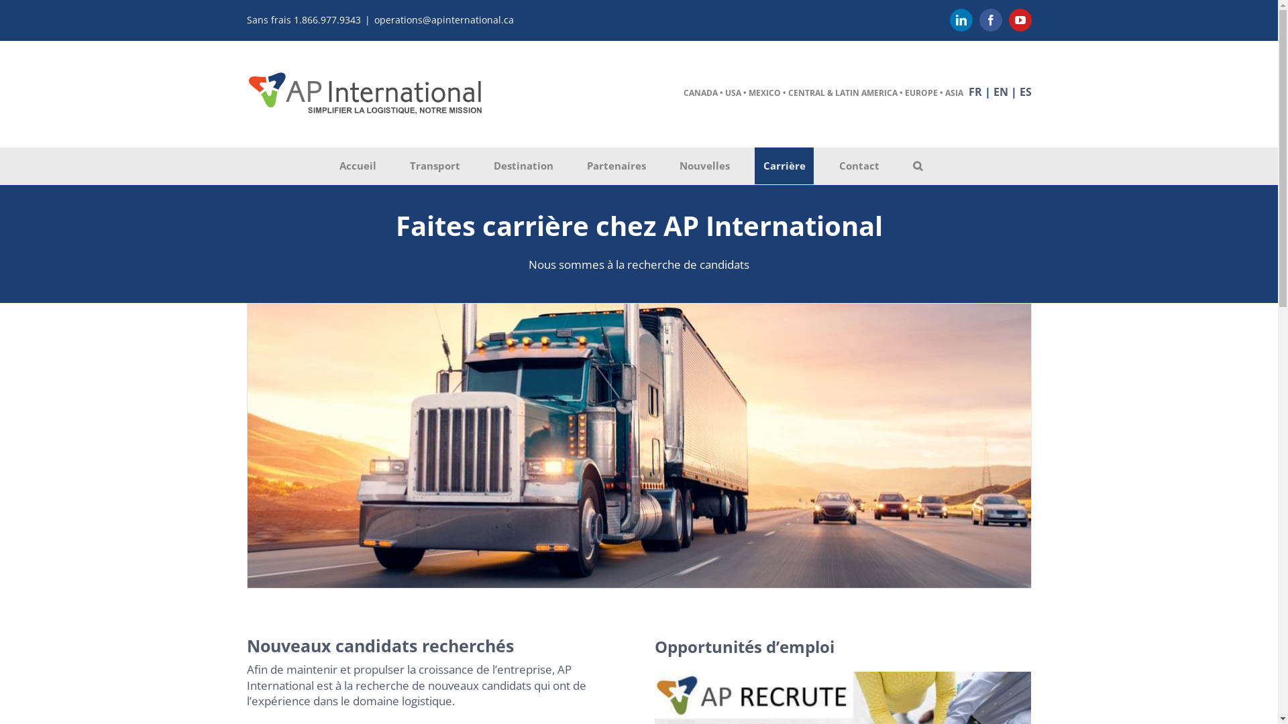  What do you see at coordinates (1000, 91) in the screenshot?
I see `'EN'` at bounding box center [1000, 91].